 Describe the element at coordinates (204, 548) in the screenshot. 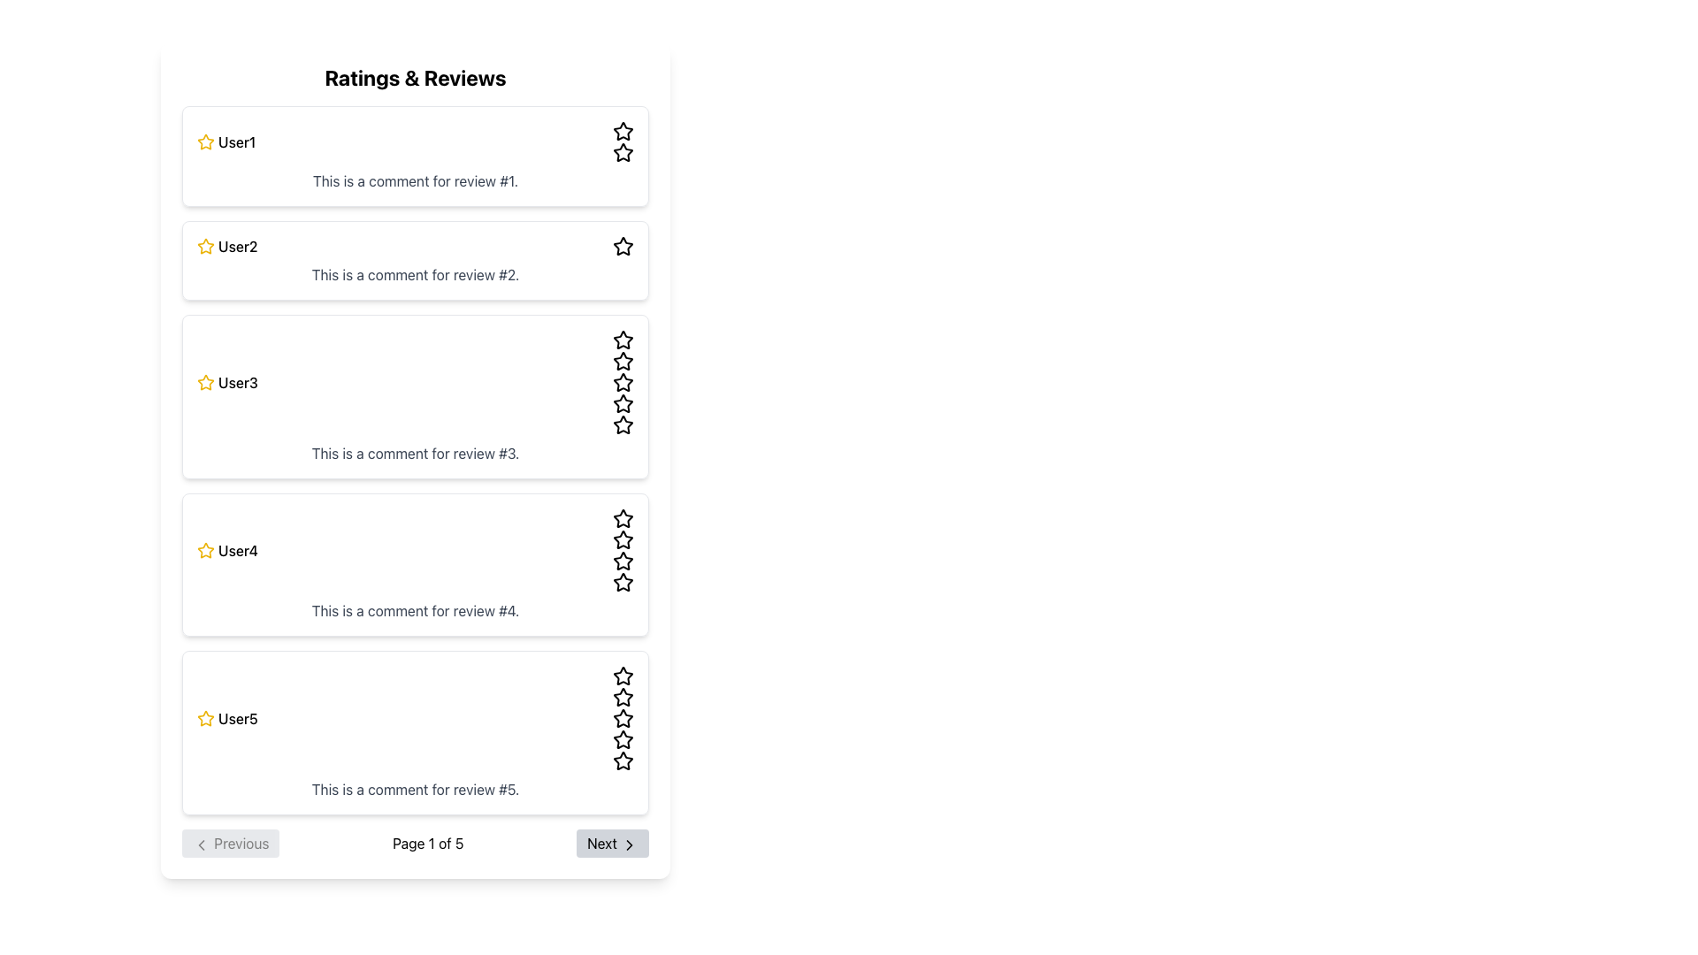

I see `the star icon for the fourth review entry, which signifies a rating or selection option, located before the 'User4' text label` at that location.